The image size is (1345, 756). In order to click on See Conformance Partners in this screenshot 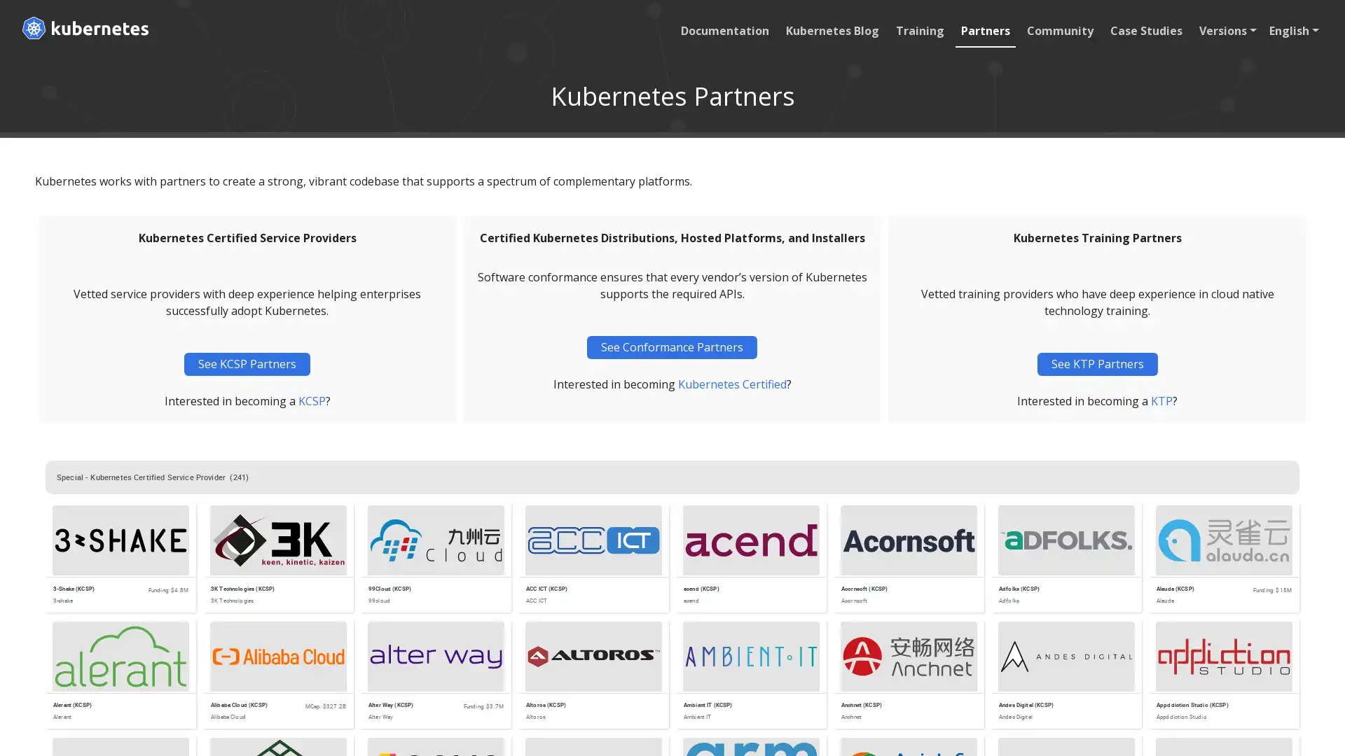, I will do `click(671, 346)`.